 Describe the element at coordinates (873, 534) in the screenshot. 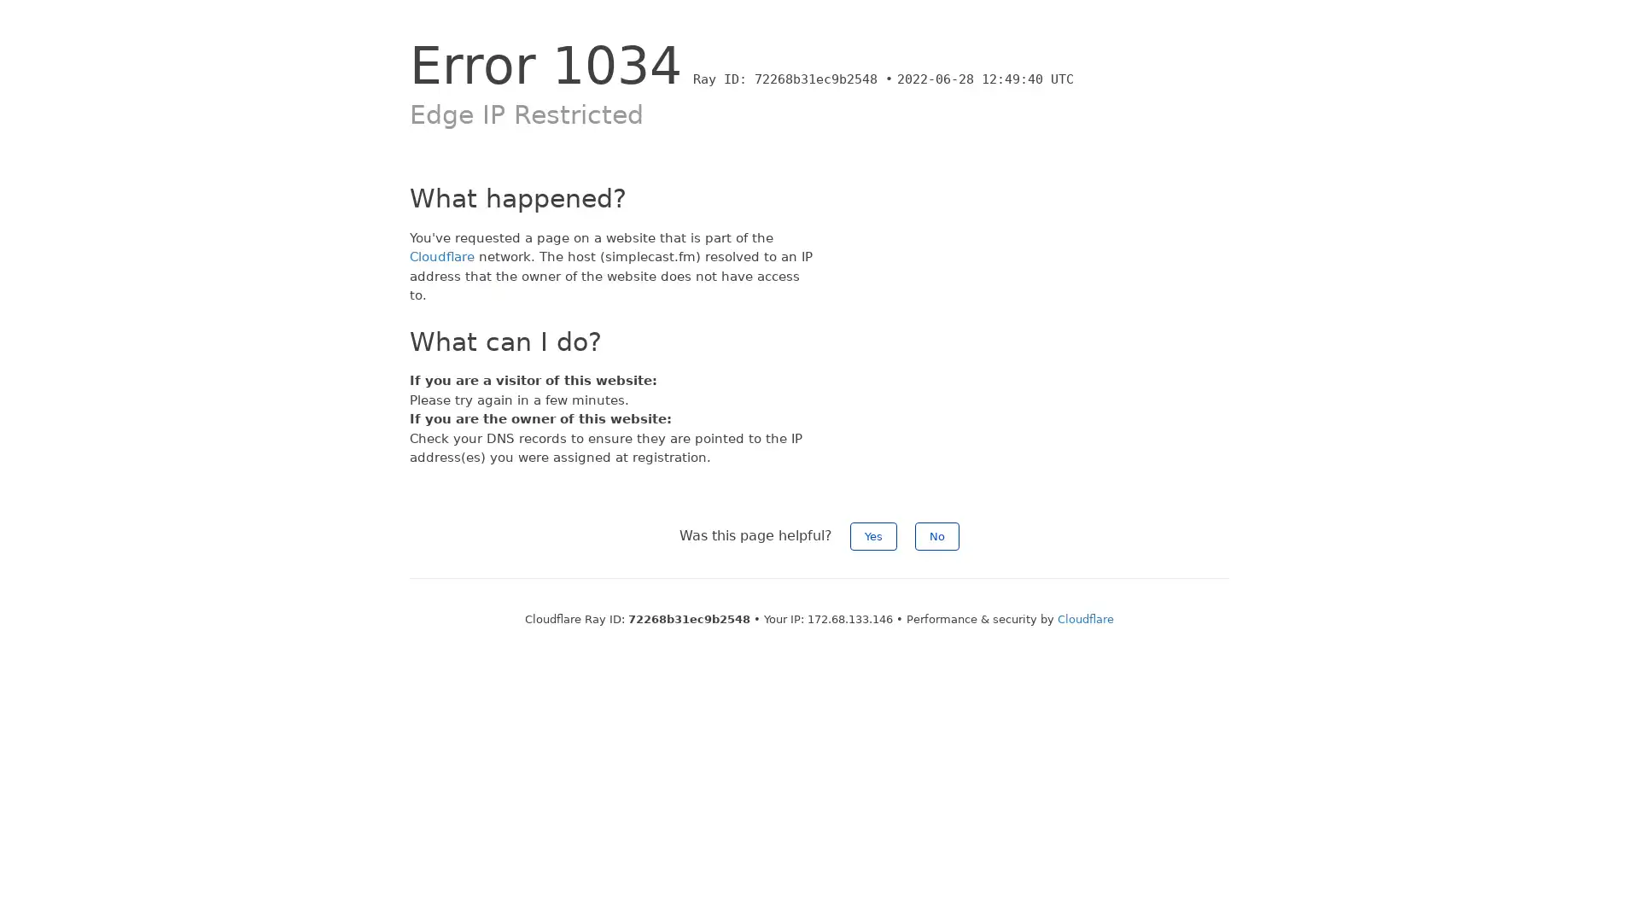

I see `Yes` at that location.